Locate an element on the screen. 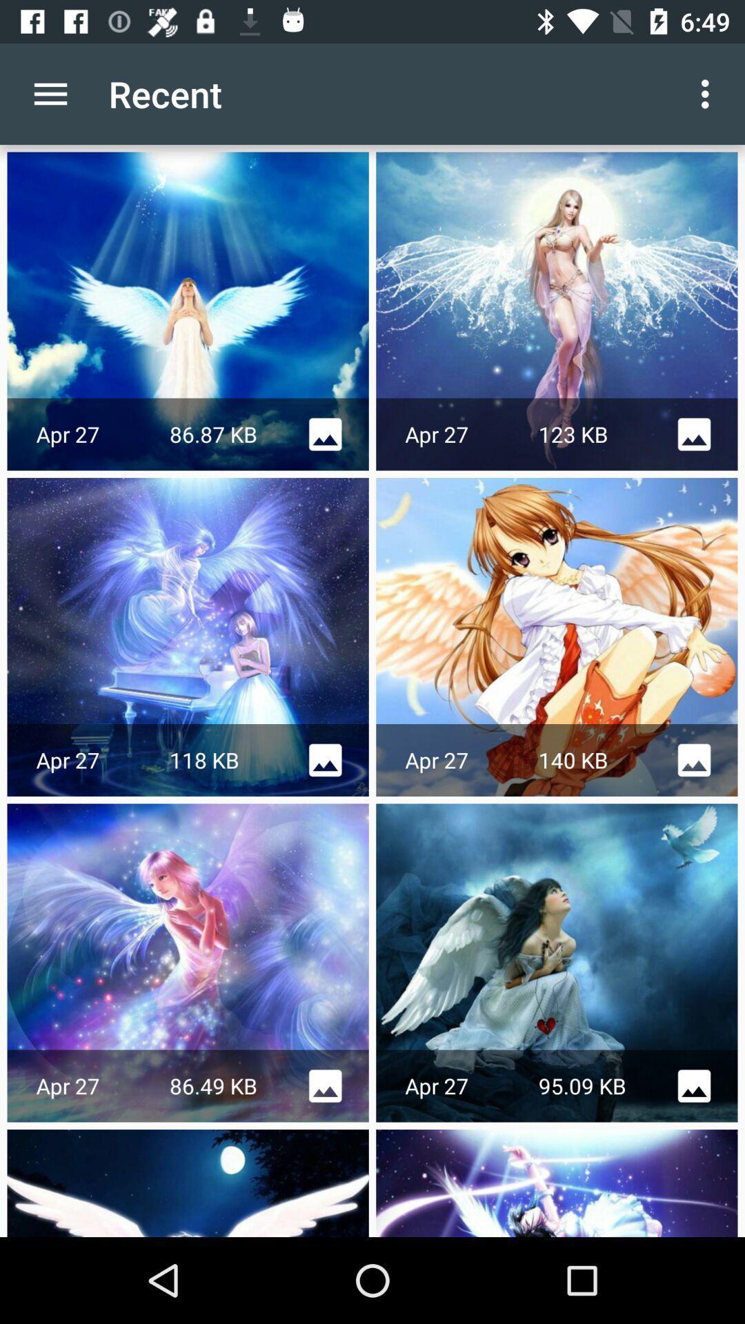 This screenshot has height=1324, width=745. the icon next to recent app is located at coordinates (50, 93).